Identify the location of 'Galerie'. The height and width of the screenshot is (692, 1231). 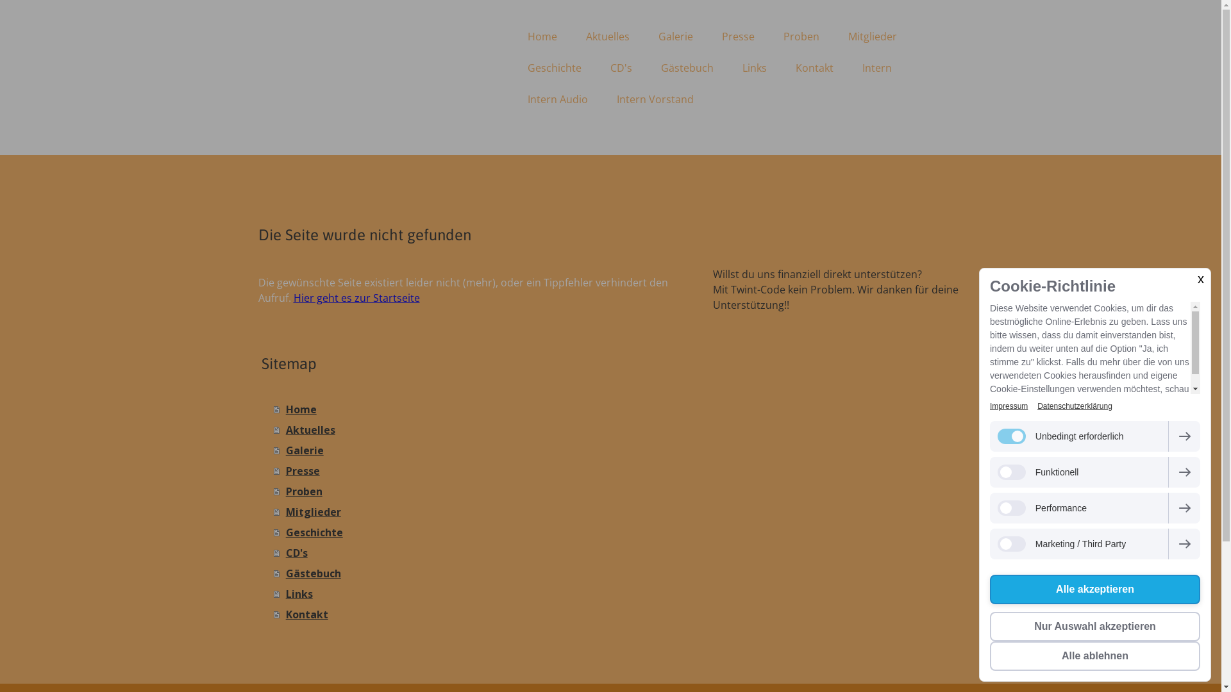
(480, 449).